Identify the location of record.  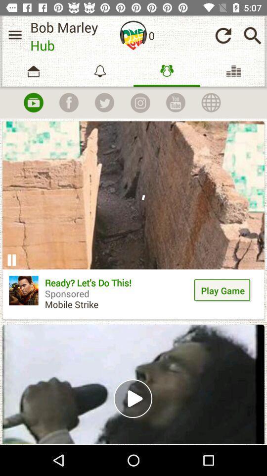
(33, 103).